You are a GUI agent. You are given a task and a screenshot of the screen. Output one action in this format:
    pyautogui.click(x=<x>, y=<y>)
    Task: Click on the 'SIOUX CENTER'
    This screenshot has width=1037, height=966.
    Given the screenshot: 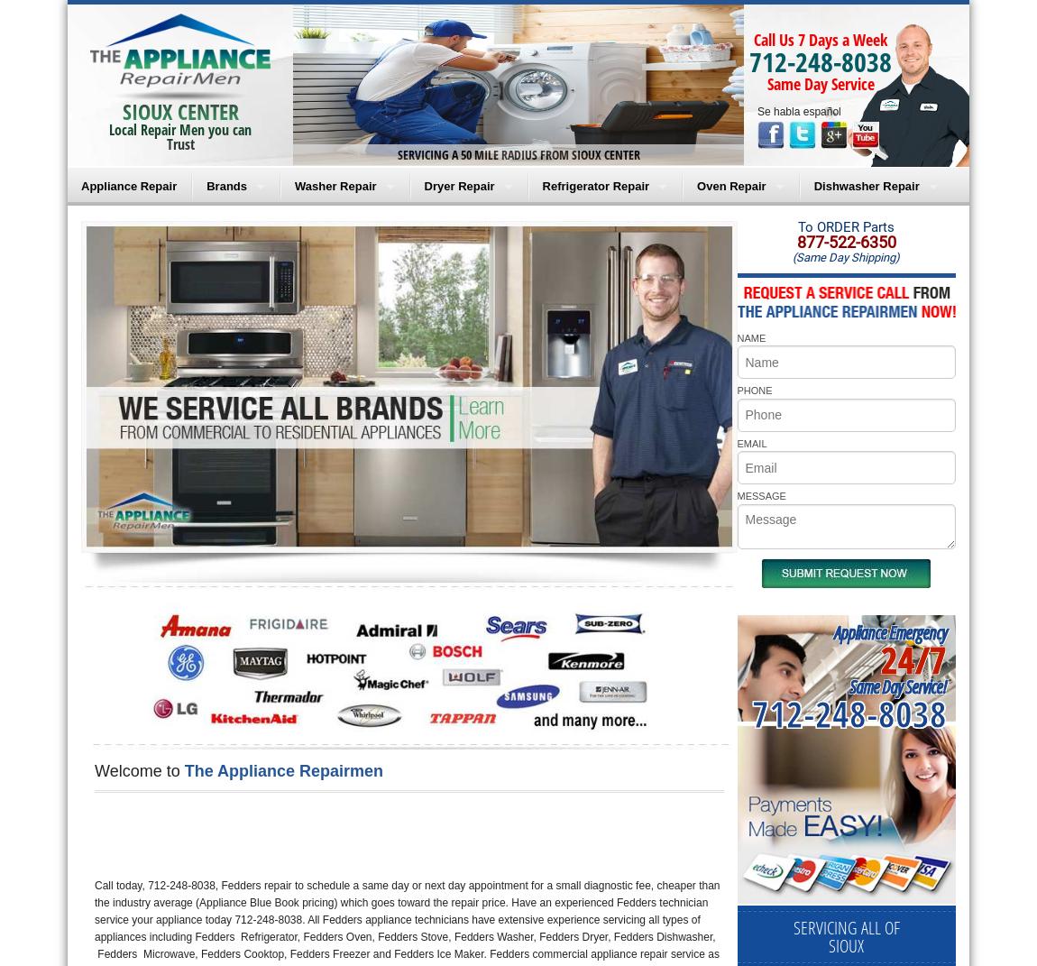 What is the action you would take?
    pyautogui.click(x=179, y=111)
    